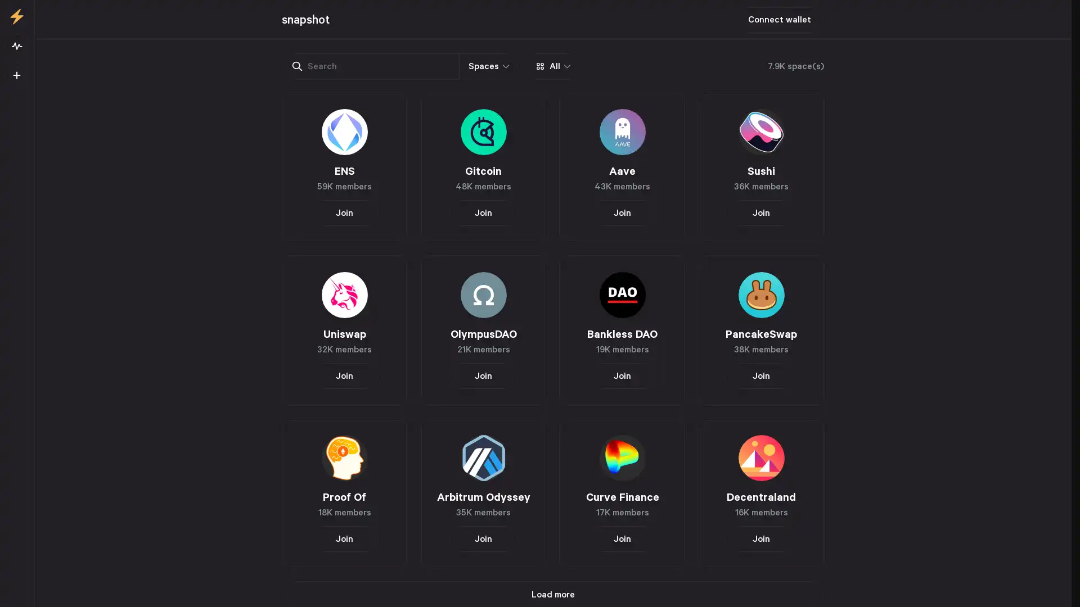 The image size is (1080, 607). I want to click on Join, so click(621, 375).